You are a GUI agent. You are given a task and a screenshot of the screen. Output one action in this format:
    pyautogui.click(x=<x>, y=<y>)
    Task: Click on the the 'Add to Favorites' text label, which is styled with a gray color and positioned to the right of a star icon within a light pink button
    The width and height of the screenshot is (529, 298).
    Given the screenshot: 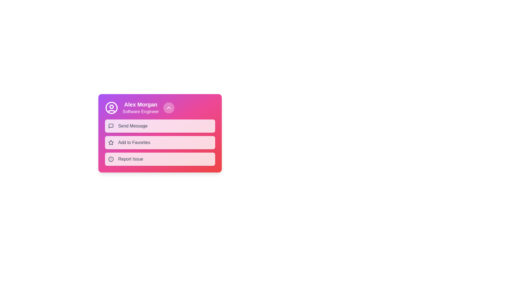 What is the action you would take?
    pyautogui.click(x=134, y=142)
    